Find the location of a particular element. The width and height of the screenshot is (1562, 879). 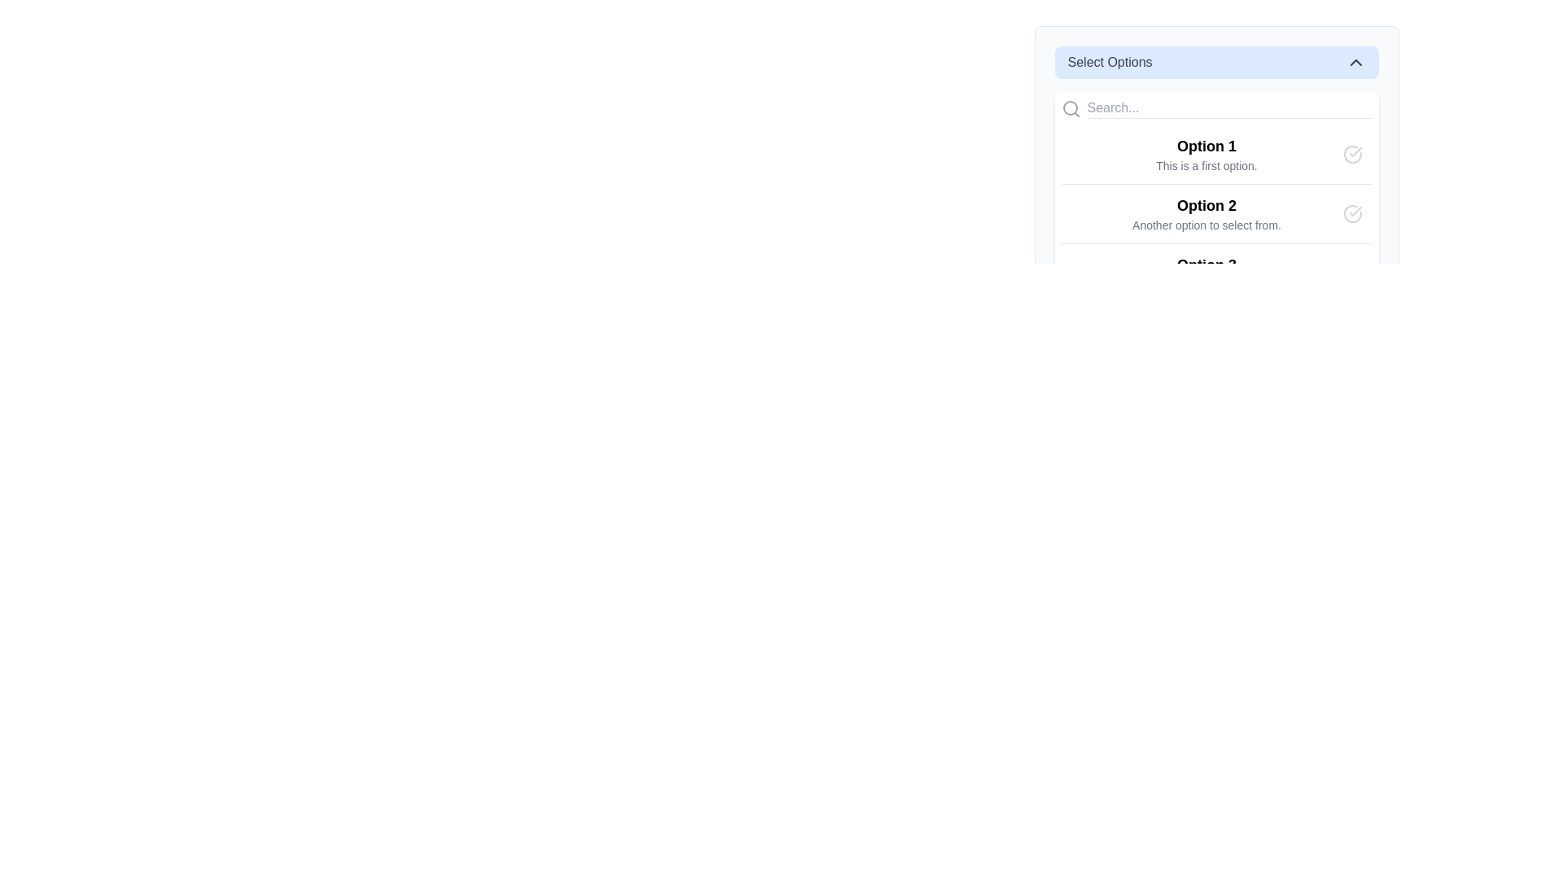

the Checkmark Icon, which is a miniature checkmark embedded within a circular icon located on the far right side of the dropdown list next to the label 'Option 1' is located at coordinates (1355, 210).